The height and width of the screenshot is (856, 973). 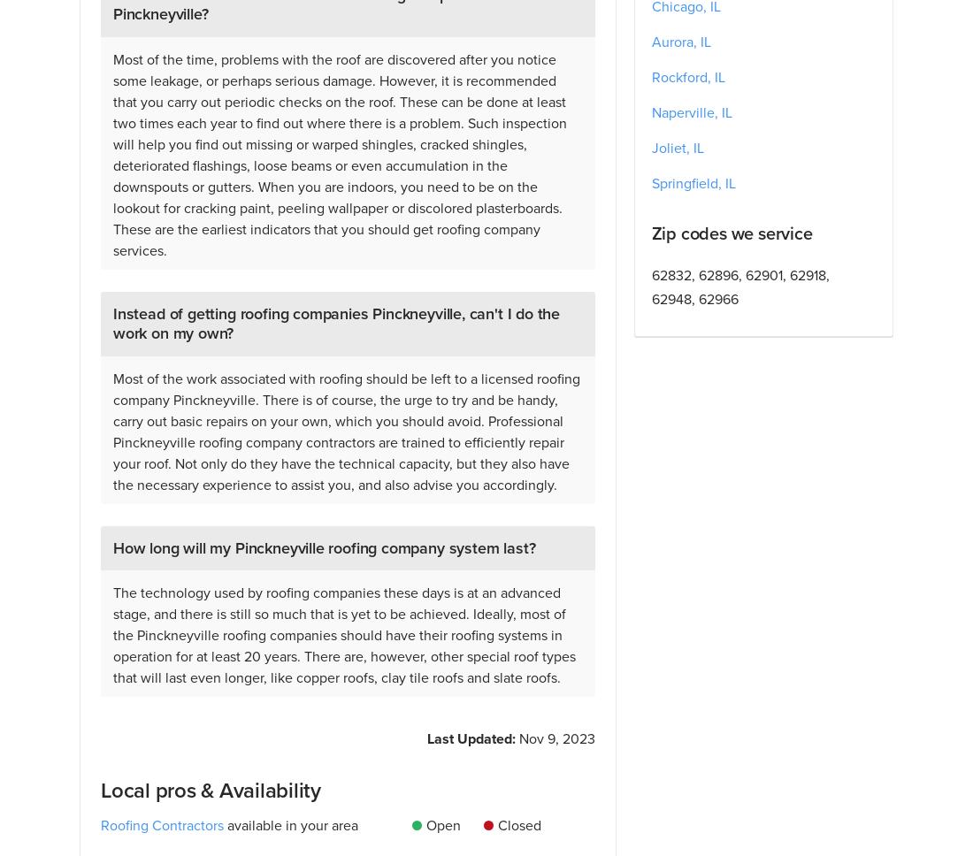 What do you see at coordinates (426, 738) in the screenshot?
I see `'Last Updated:'` at bounding box center [426, 738].